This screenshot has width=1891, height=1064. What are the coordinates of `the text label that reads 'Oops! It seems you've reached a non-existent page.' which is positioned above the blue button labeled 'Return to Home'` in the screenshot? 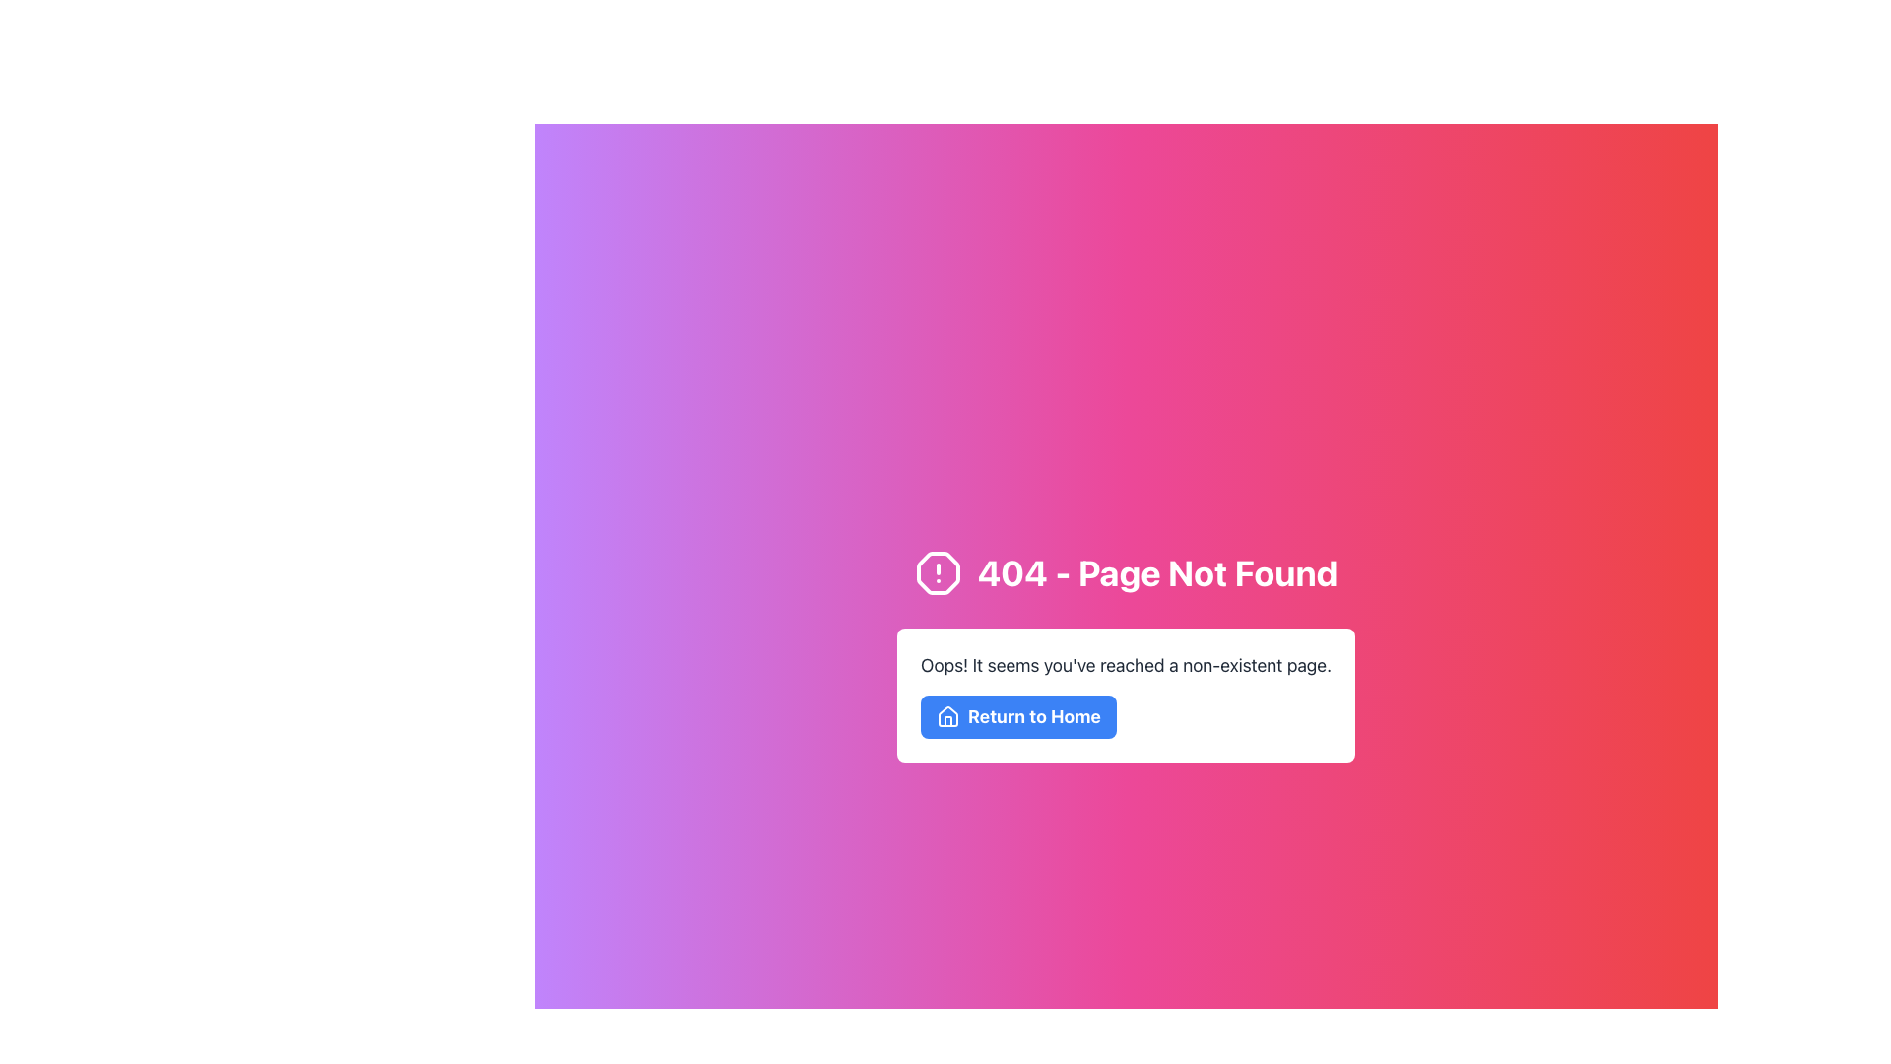 It's located at (1126, 665).